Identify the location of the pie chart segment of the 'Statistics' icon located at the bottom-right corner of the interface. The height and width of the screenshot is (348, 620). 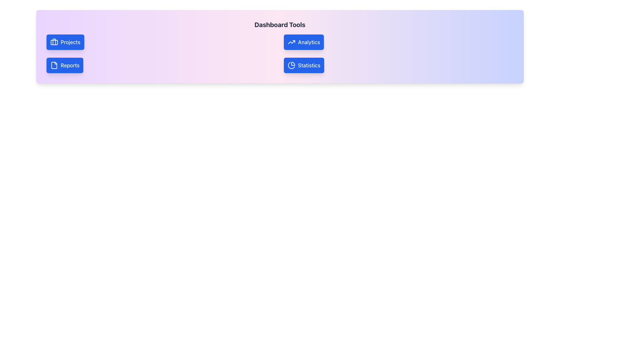
(291, 65).